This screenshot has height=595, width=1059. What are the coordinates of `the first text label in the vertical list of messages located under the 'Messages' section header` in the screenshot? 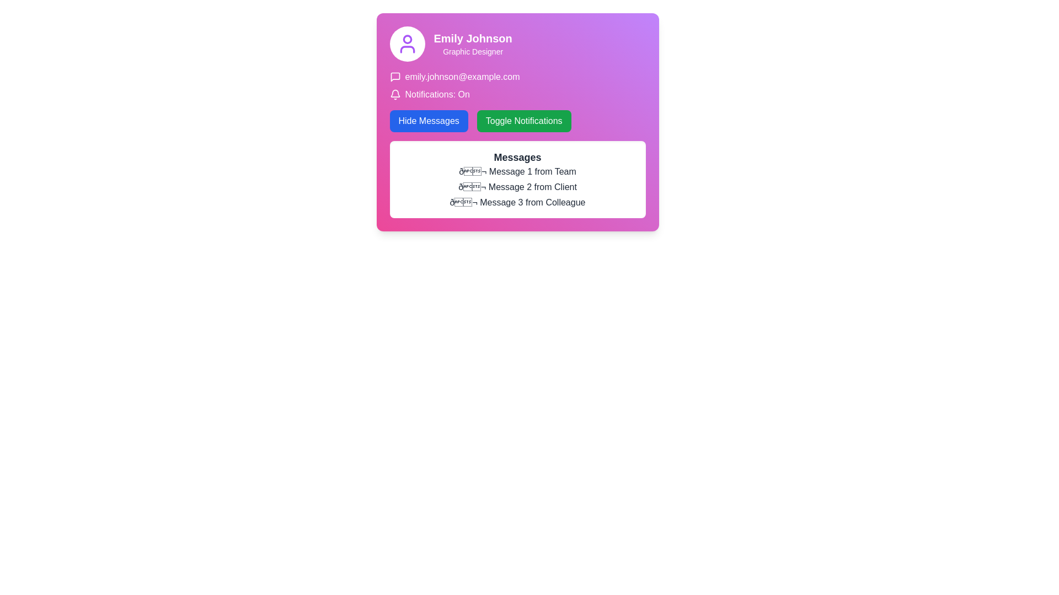 It's located at (517, 172).